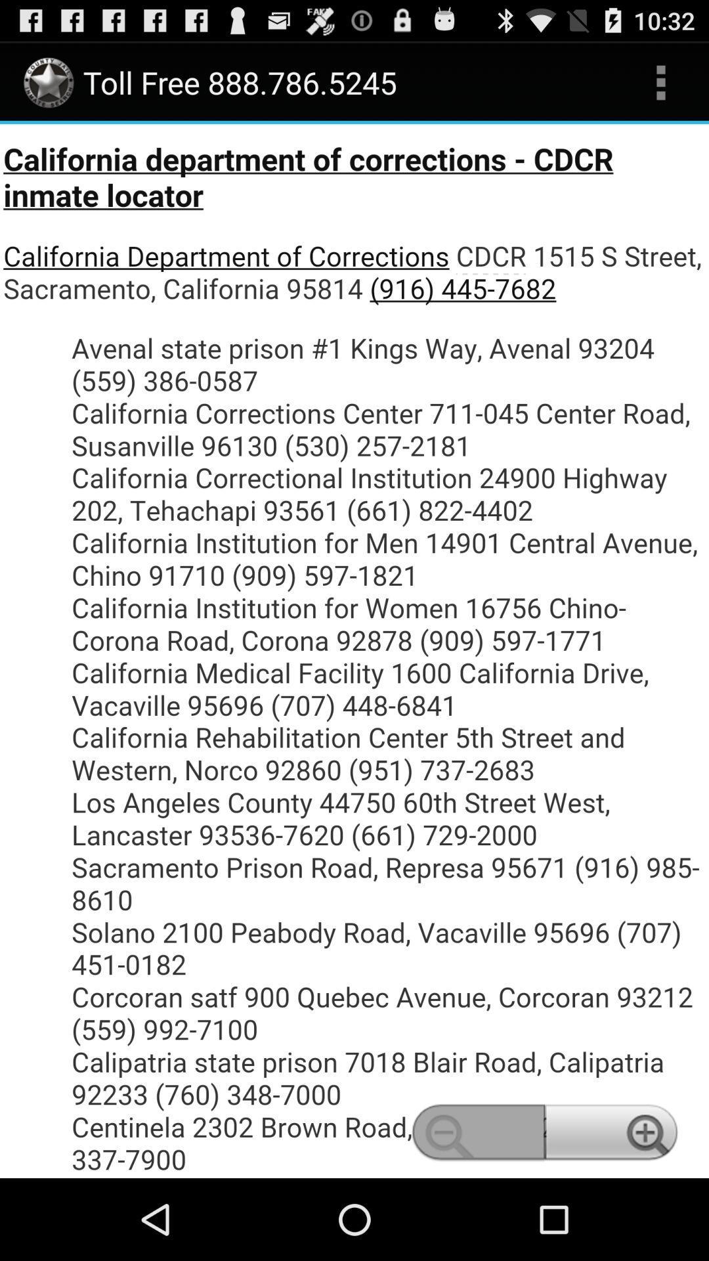 Image resolution: width=709 pixels, height=1261 pixels. What do you see at coordinates (354, 651) in the screenshot?
I see `webpage view` at bounding box center [354, 651].